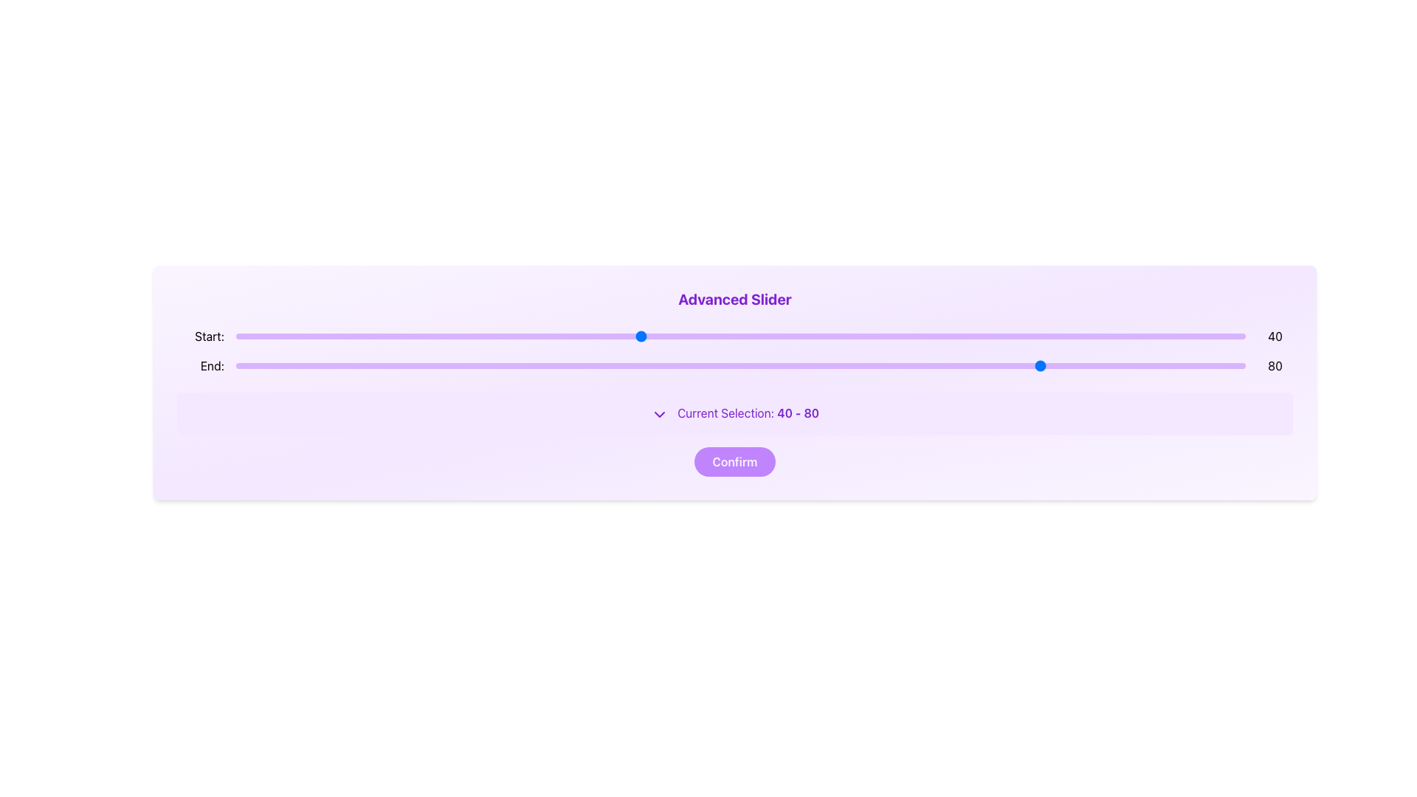 Image resolution: width=1417 pixels, height=797 pixels. I want to click on the start slider, so click(679, 336).